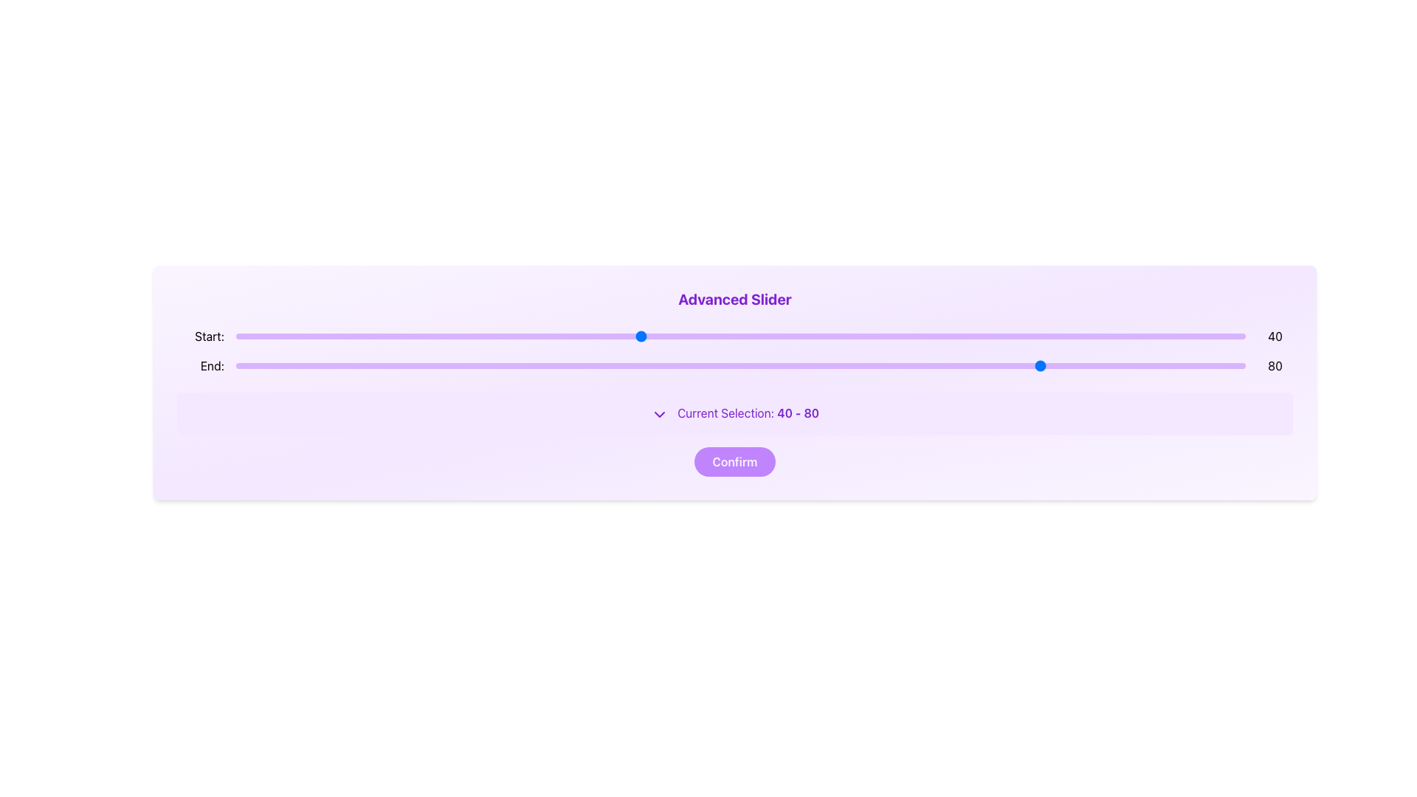 Image resolution: width=1417 pixels, height=797 pixels. I want to click on the start slider, so click(679, 336).